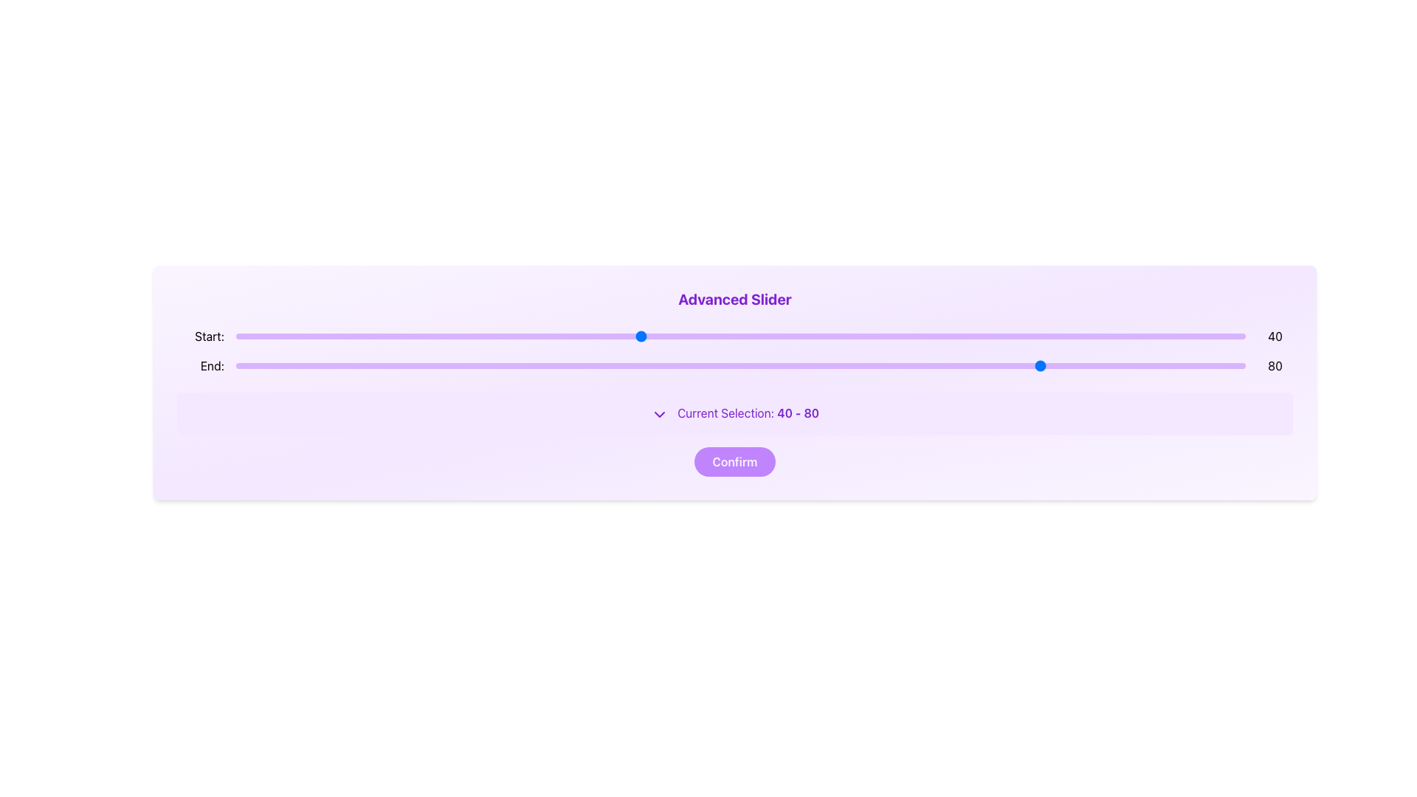 Image resolution: width=1417 pixels, height=797 pixels. I want to click on the start slider, so click(679, 336).